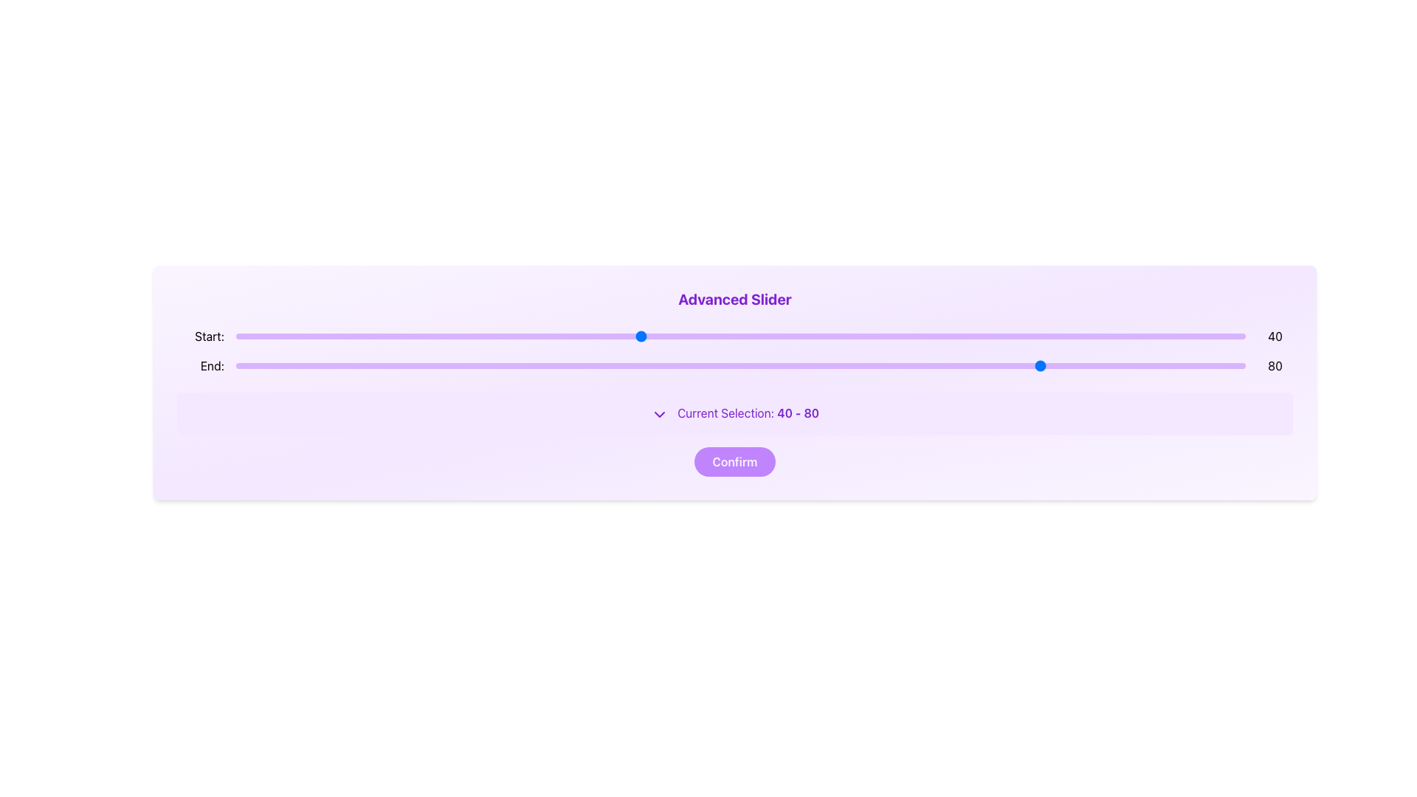 Image resolution: width=1417 pixels, height=797 pixels. I want to click on the start slider, so click(679, 336).